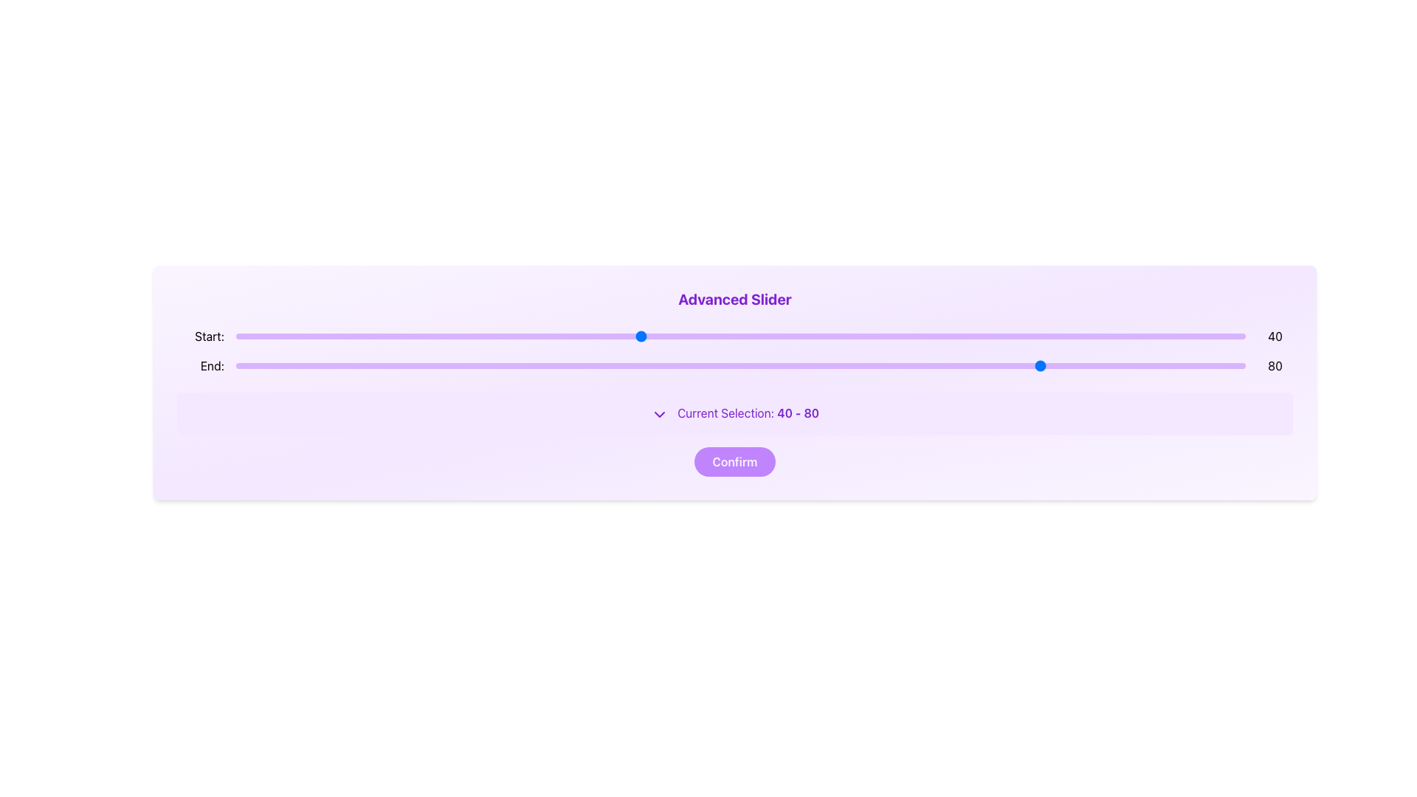 Image resolution: width=1417 pixels, height=797 pixels. I want to click on the start slider, so click(679, 336).